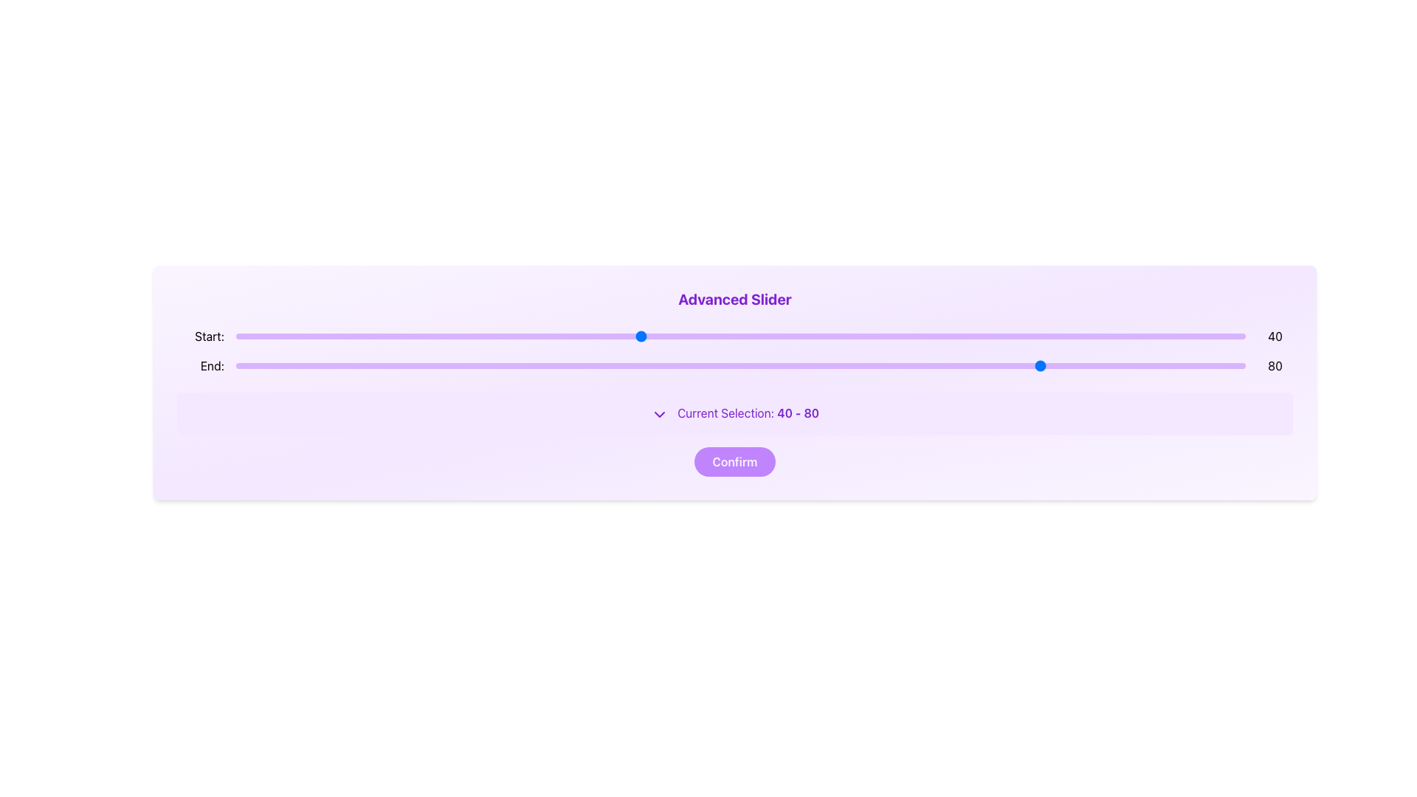 Image resolution: width=1417 pixels, height=797 pixels. I want to click on the start slider, so click(679, 336).